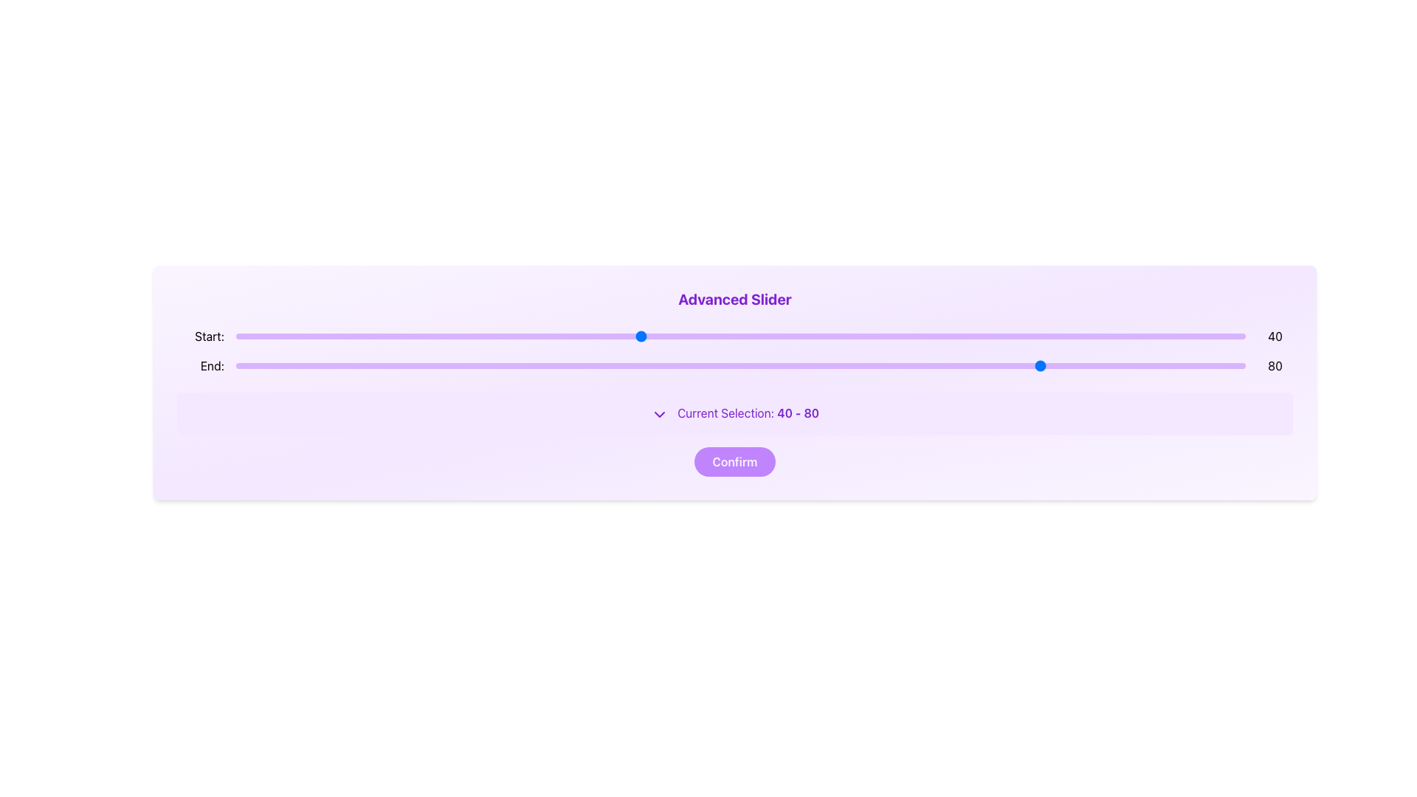 Image resolution: width=1417 pixels, height=797 pixels. I want to click on the start slider, so click(679, 336).